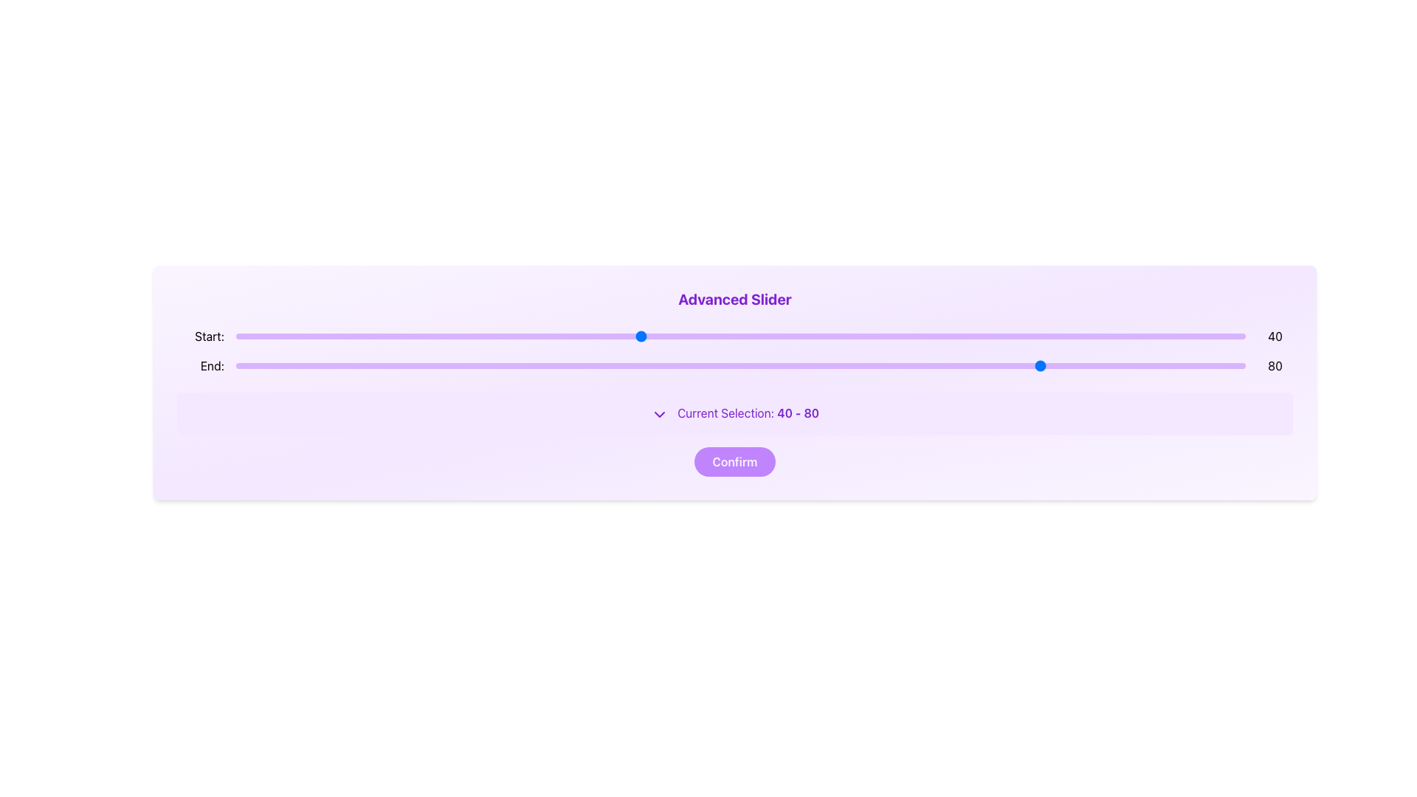 Image resolution: width=1417 pixels, height=797 pixels. I want to click on the start slider, so click(679, 336).